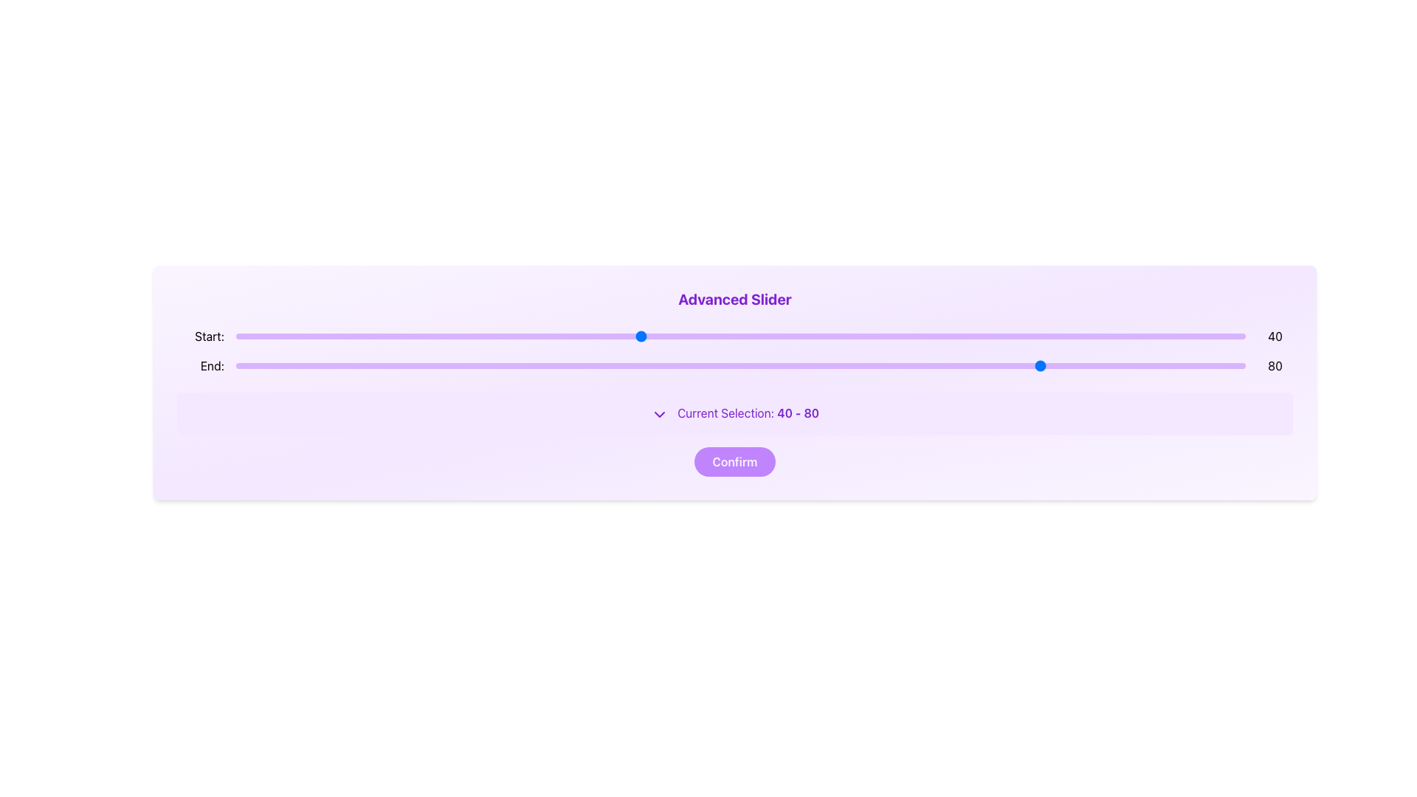 Image resolution: width=1417 pixels, height=797 pixels. I want to click on the start slider, so click(679, 336).